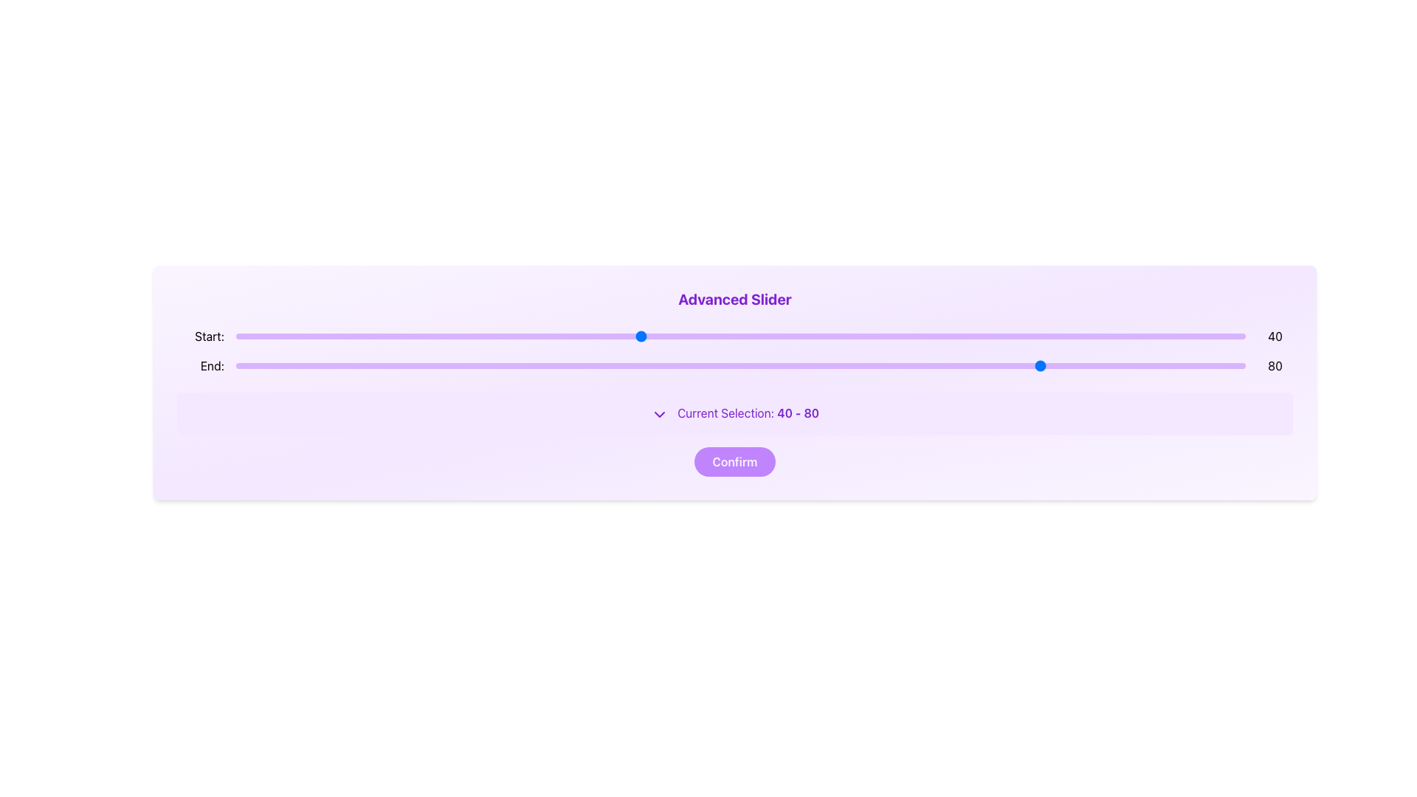 Image resolution: width=1417 pixels, height=797 pixels. I want to click on the start slider, so click(679, 336).